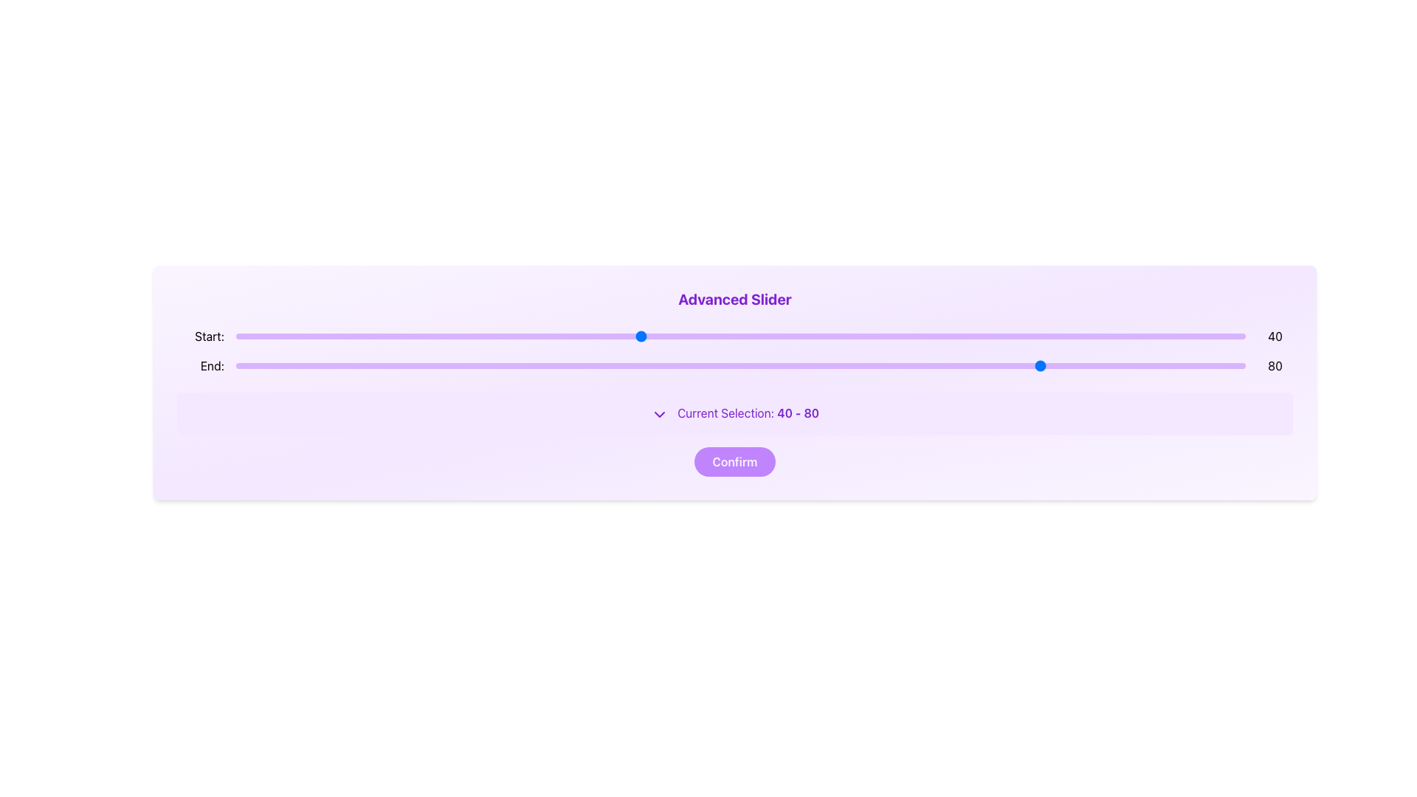 Image resolution: width=1417 pixels, height=797 pixels. I want to click on the start slider, so click(679, 336).